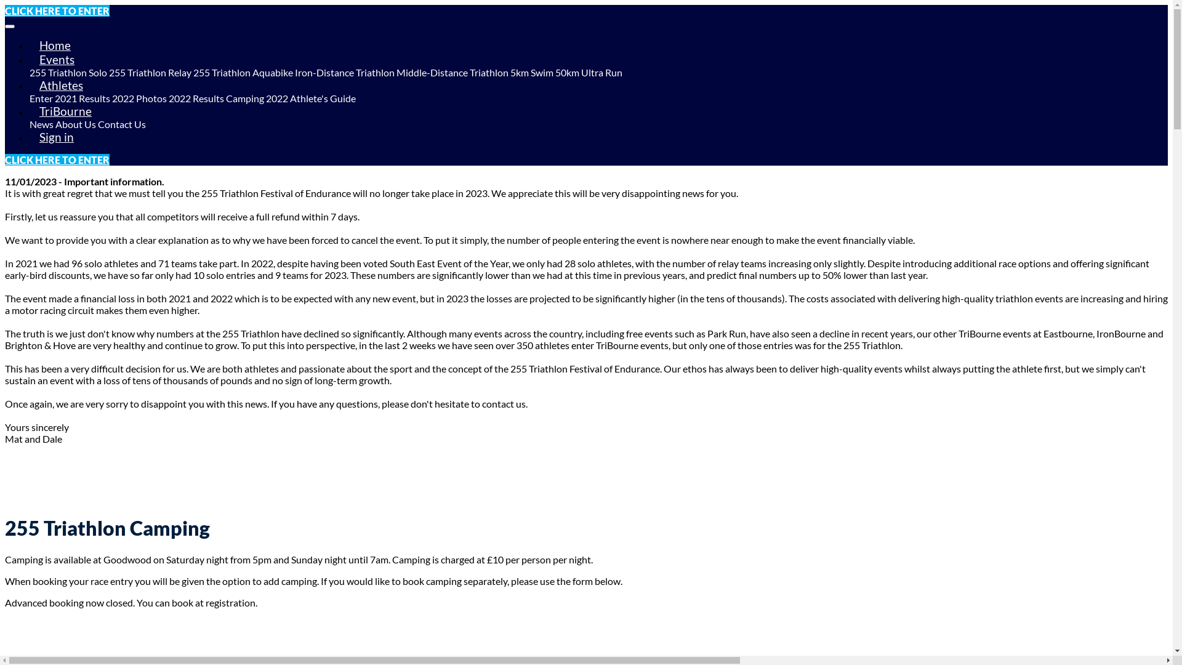 The image size is (1182, 665). I want to click on '255 Triathlon Solo', so click(67, 72).